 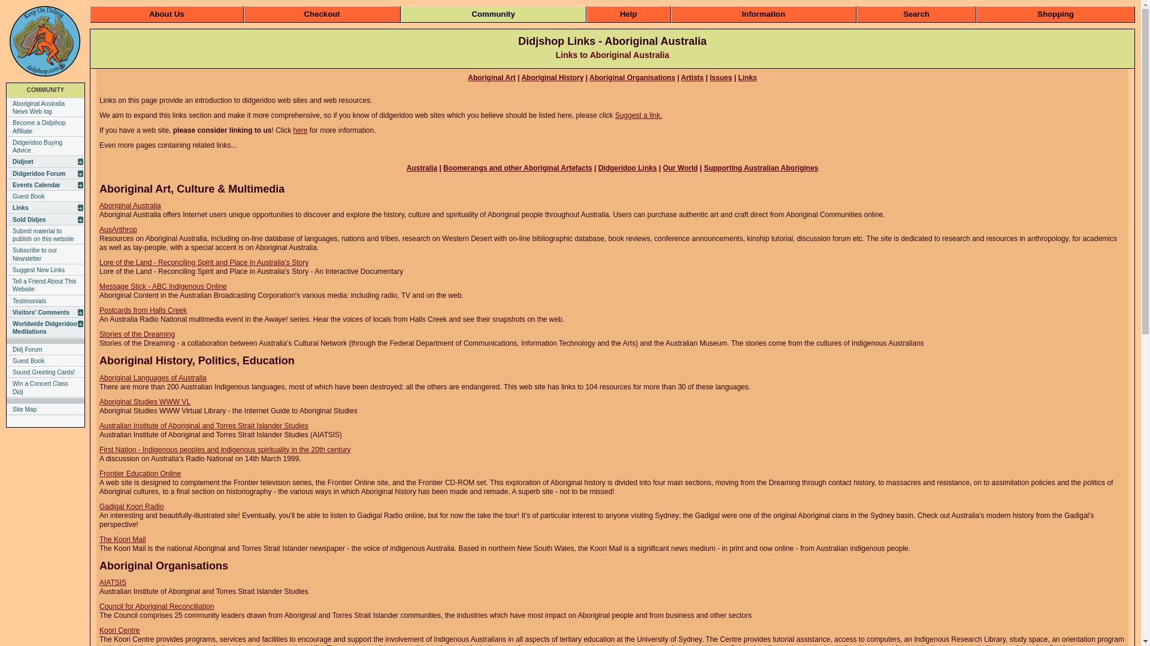 What do you see at coordinates (45, 312) in the screenshot?
I see `'Visitors' Comments'` at bounding box center [45, 312].